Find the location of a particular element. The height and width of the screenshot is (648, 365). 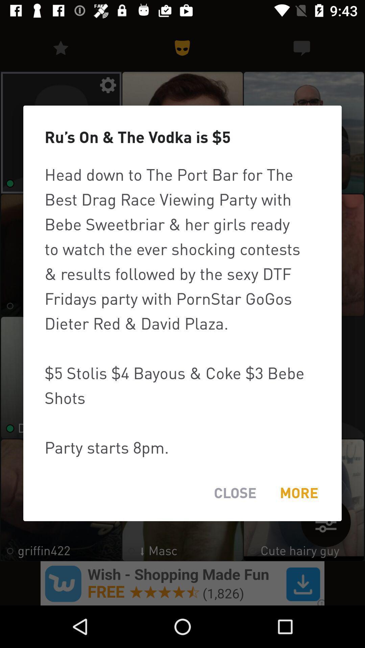

item at the bottom is located at coordinates (235, 493).